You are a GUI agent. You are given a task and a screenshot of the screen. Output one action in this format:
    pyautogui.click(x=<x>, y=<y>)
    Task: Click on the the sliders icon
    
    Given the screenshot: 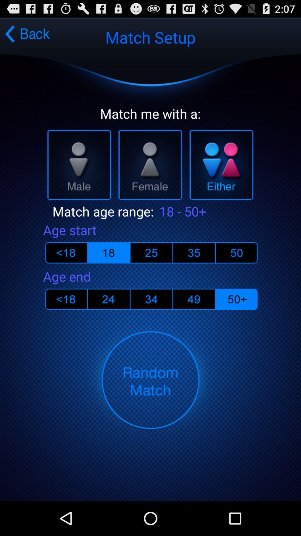 What is the action you would take?
    pyautogui.click(x=238, y=271)
    